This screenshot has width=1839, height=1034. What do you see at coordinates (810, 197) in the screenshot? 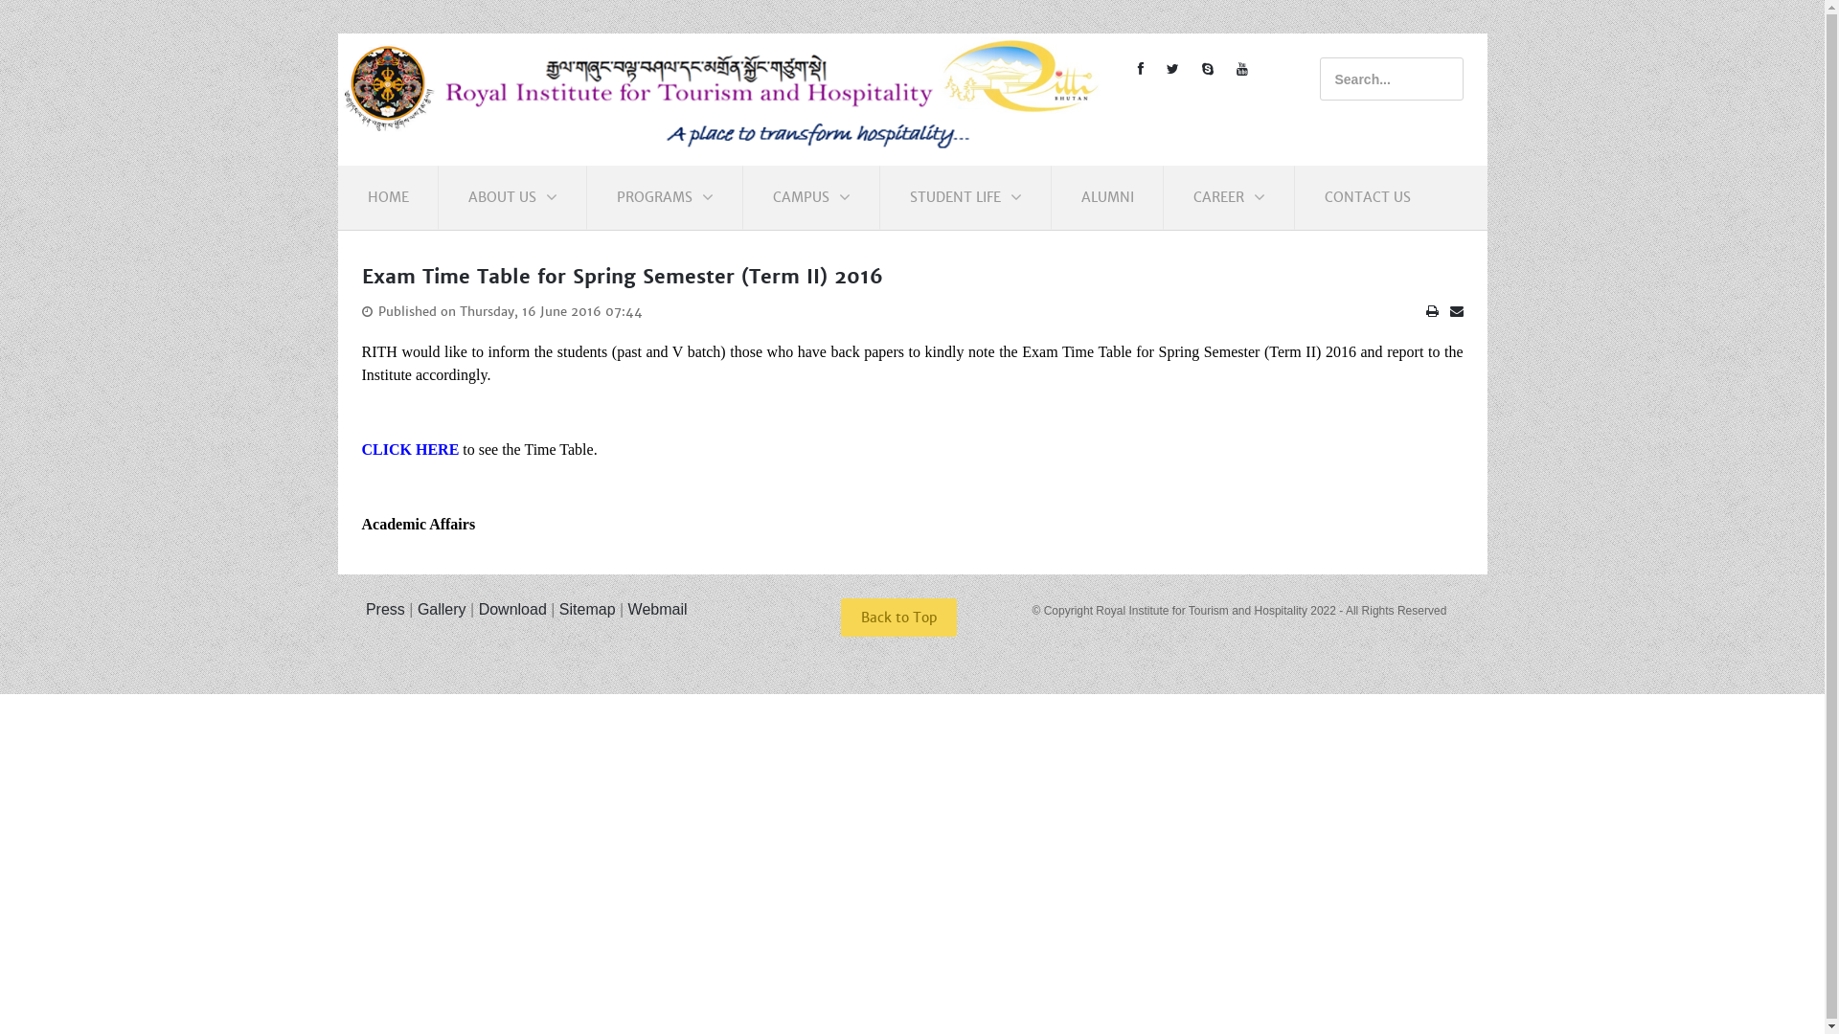
I see `'CAMPUS'` at bounding box center [810, 197].